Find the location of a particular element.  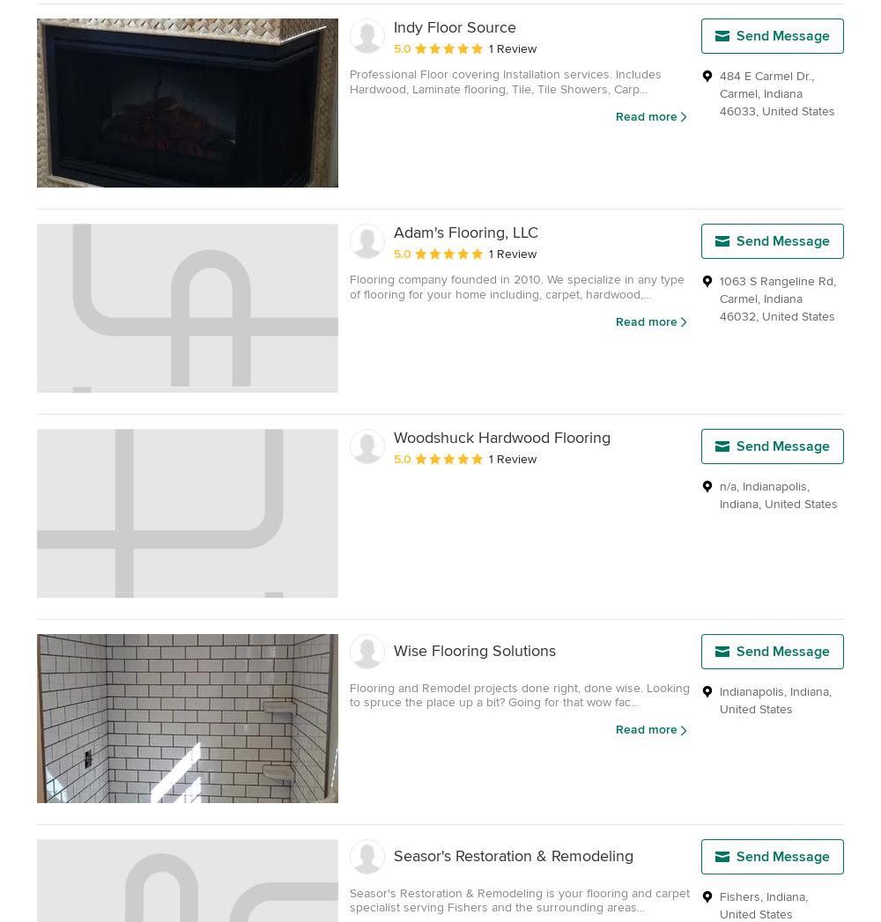

'484 E Carmel Dr.' is located at coordinates (765, 75).